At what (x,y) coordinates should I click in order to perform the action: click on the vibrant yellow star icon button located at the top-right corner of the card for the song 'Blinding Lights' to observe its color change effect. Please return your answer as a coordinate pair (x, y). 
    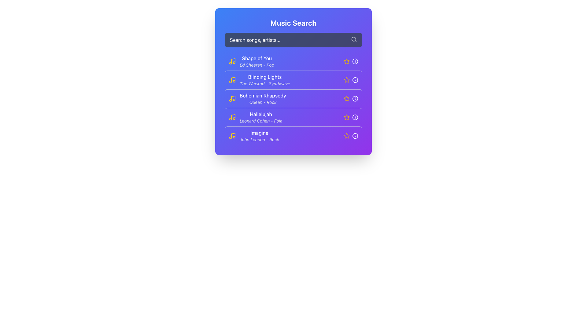
    Looking at the image, I should click on (346, 79).